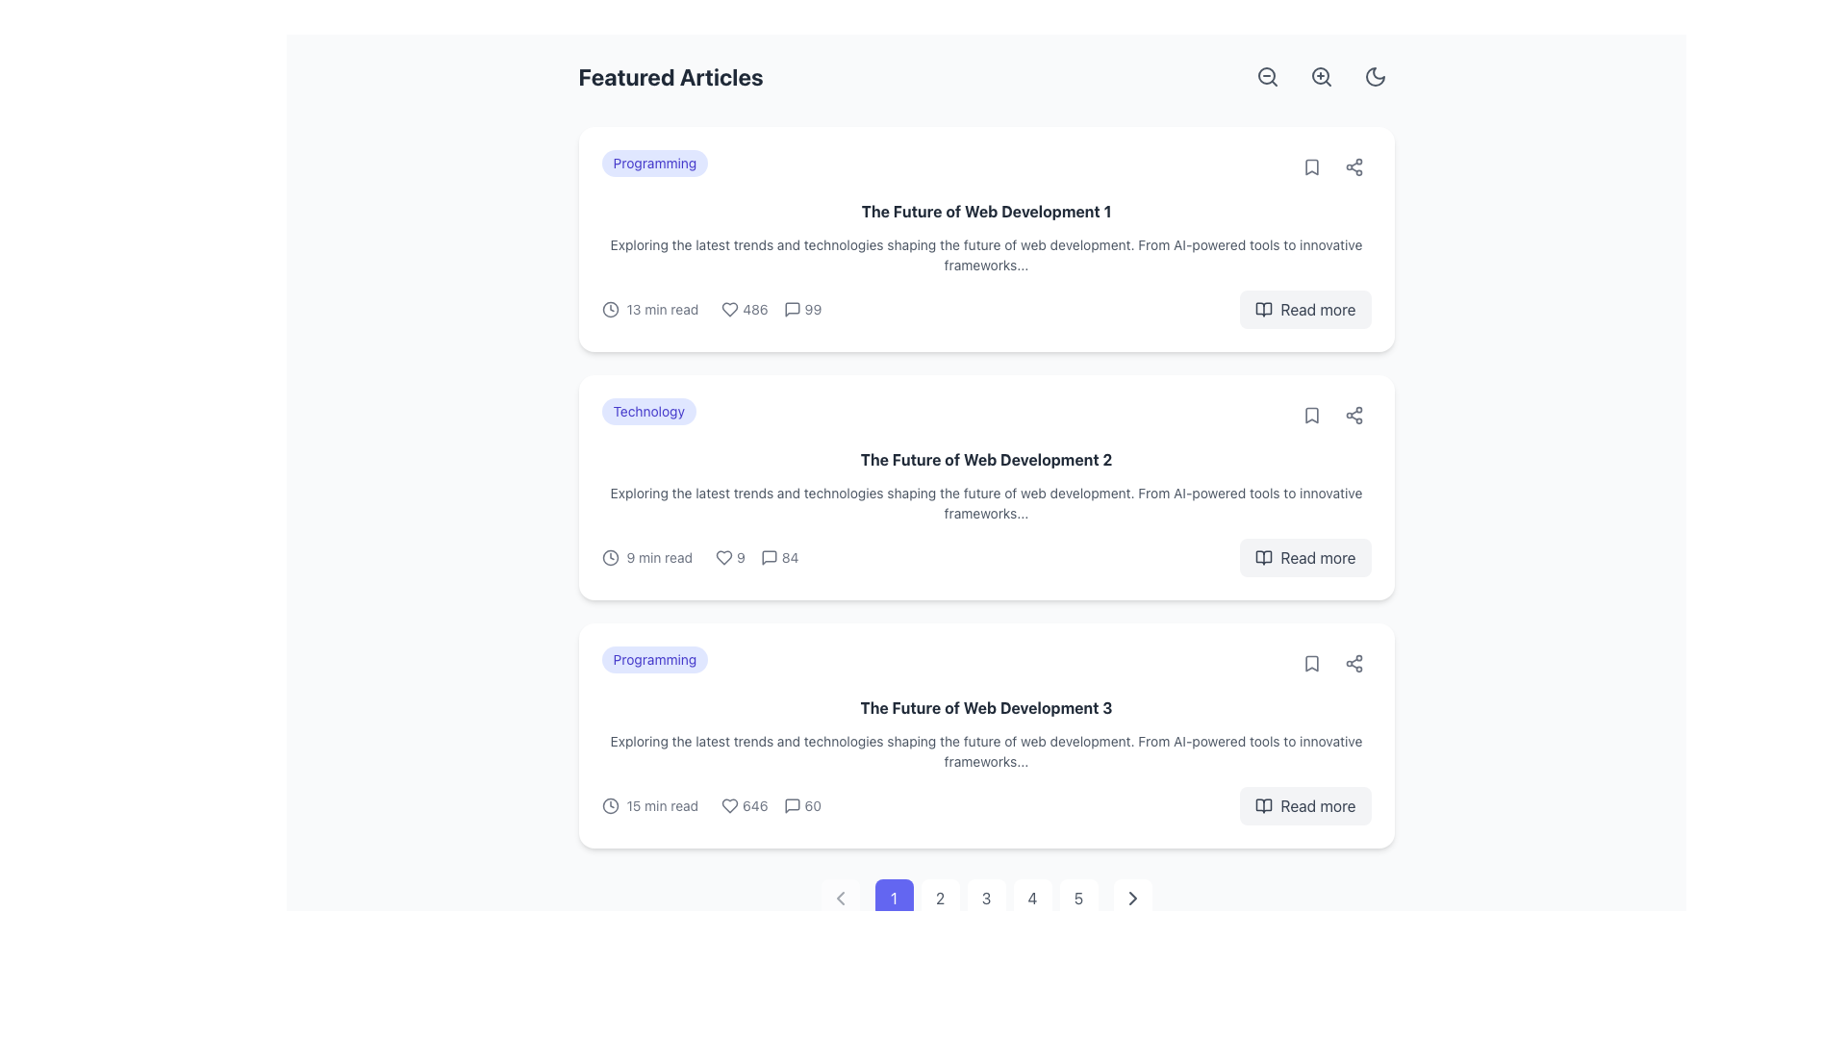 The image size is (1847, 1039). What do you see at coordinates (744, 805) in the screenshot?
I see `the likes count text with an adjacent heart icon located below the article titled 'The Future of Web Development 3.'` at bounding box center [744, 805].